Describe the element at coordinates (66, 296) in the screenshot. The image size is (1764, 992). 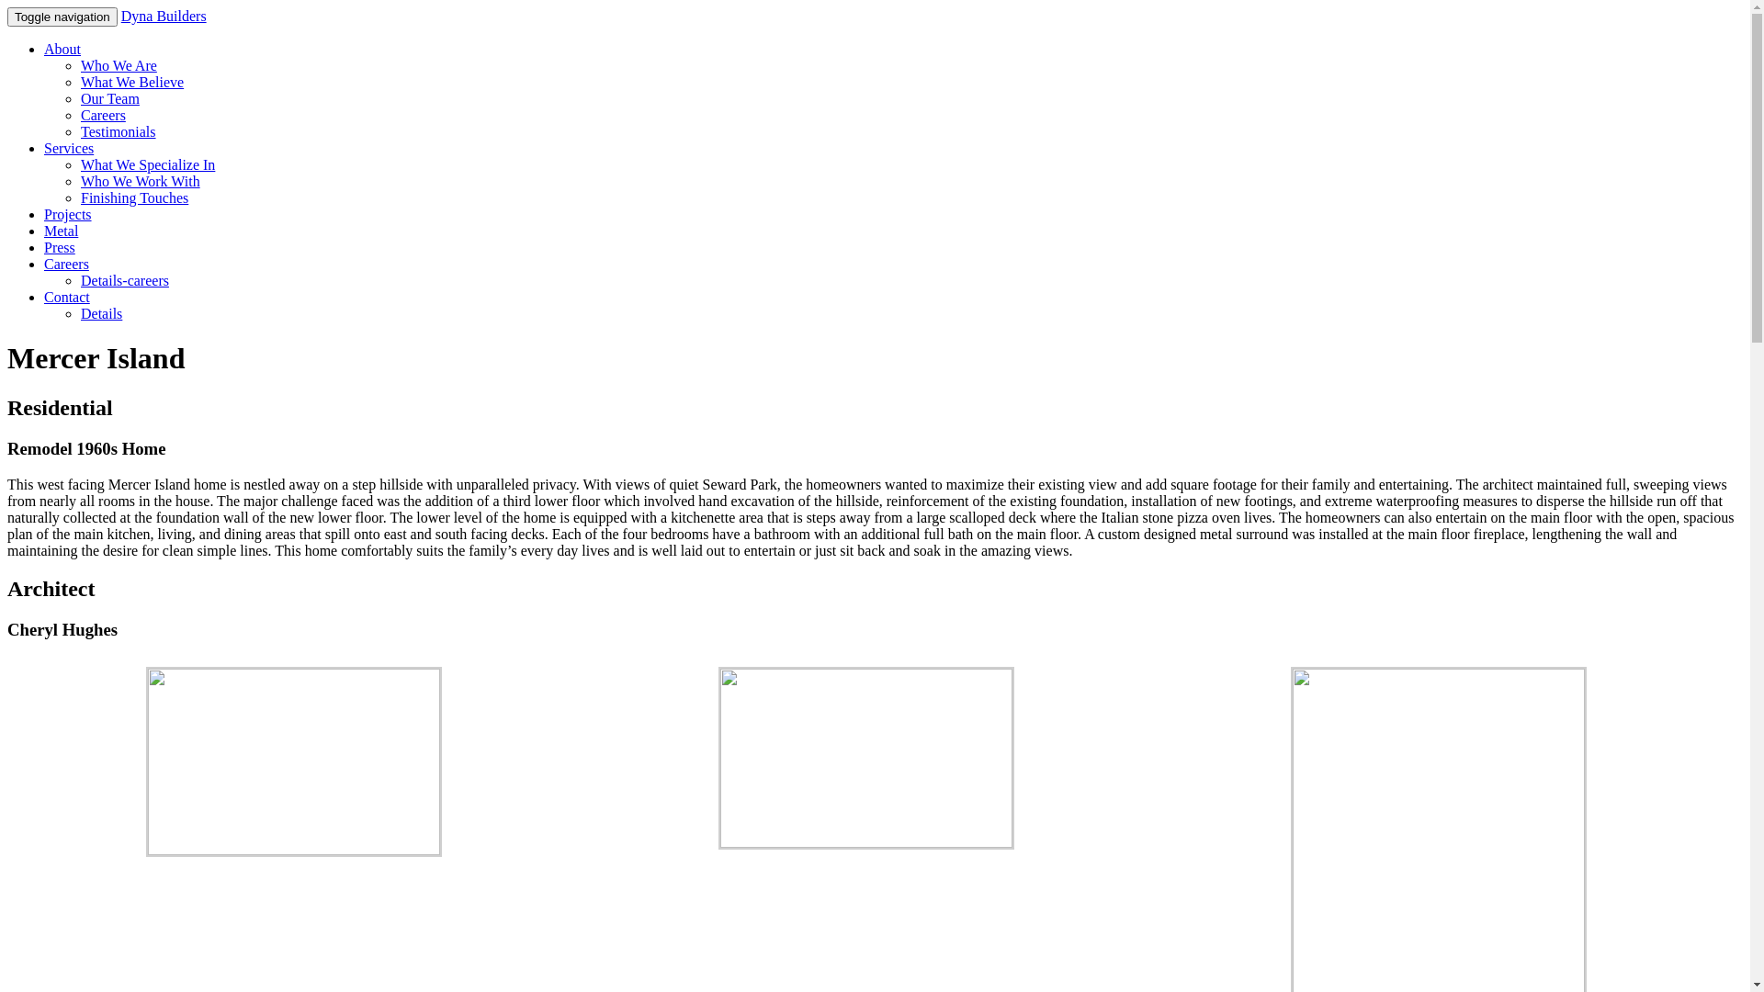
I see `'Contact'` at that location.